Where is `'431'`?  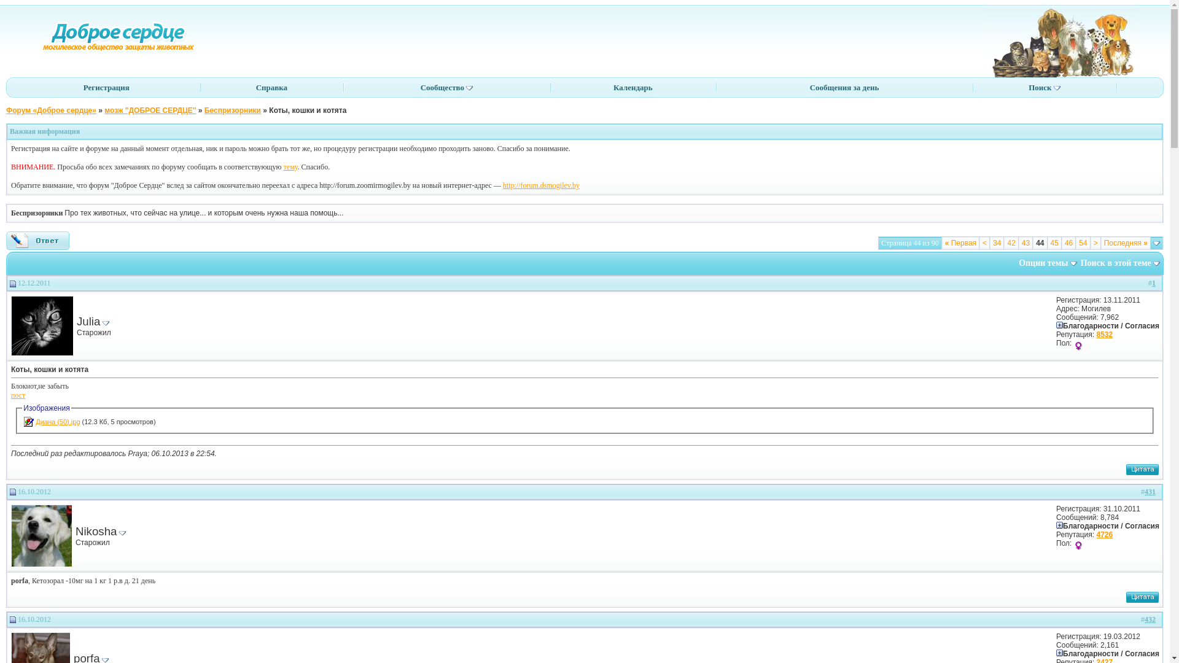 '431' is located at coordinates (1149, 491).